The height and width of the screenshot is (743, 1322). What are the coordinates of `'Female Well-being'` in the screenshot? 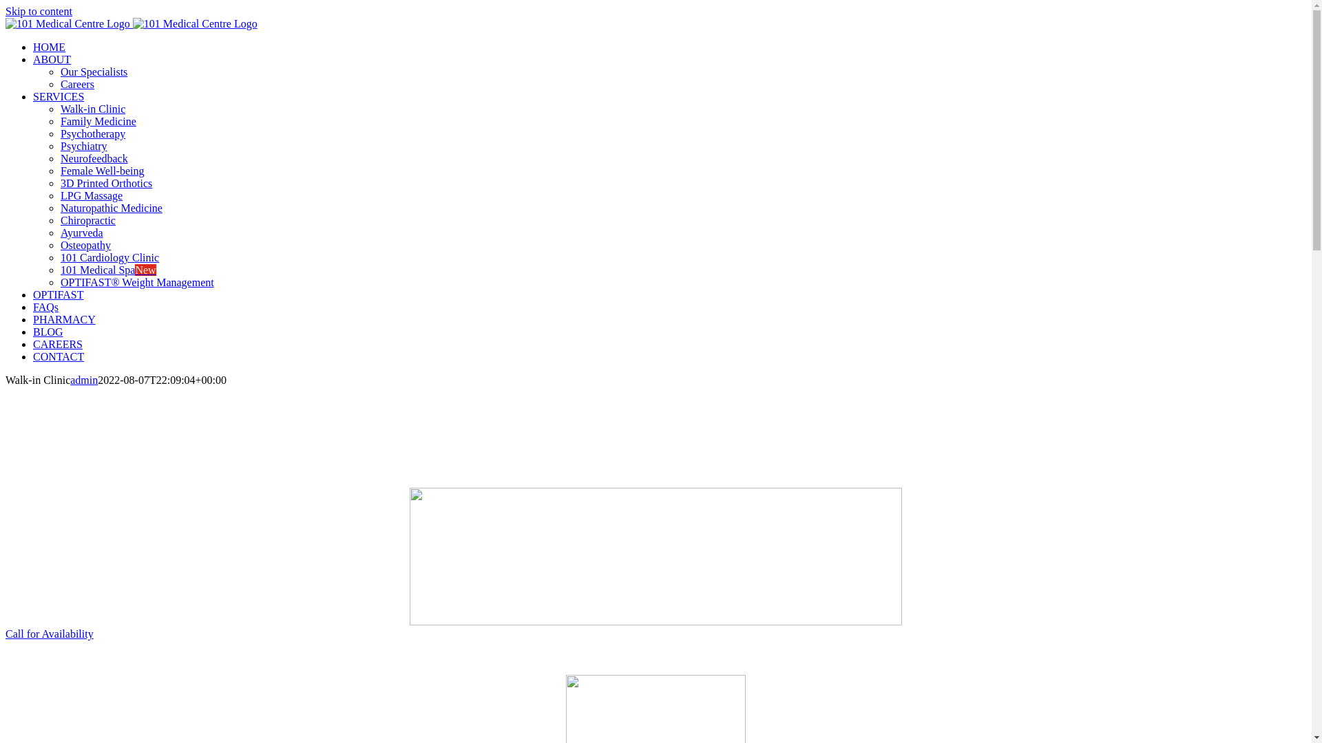 It's located at (101, 170).